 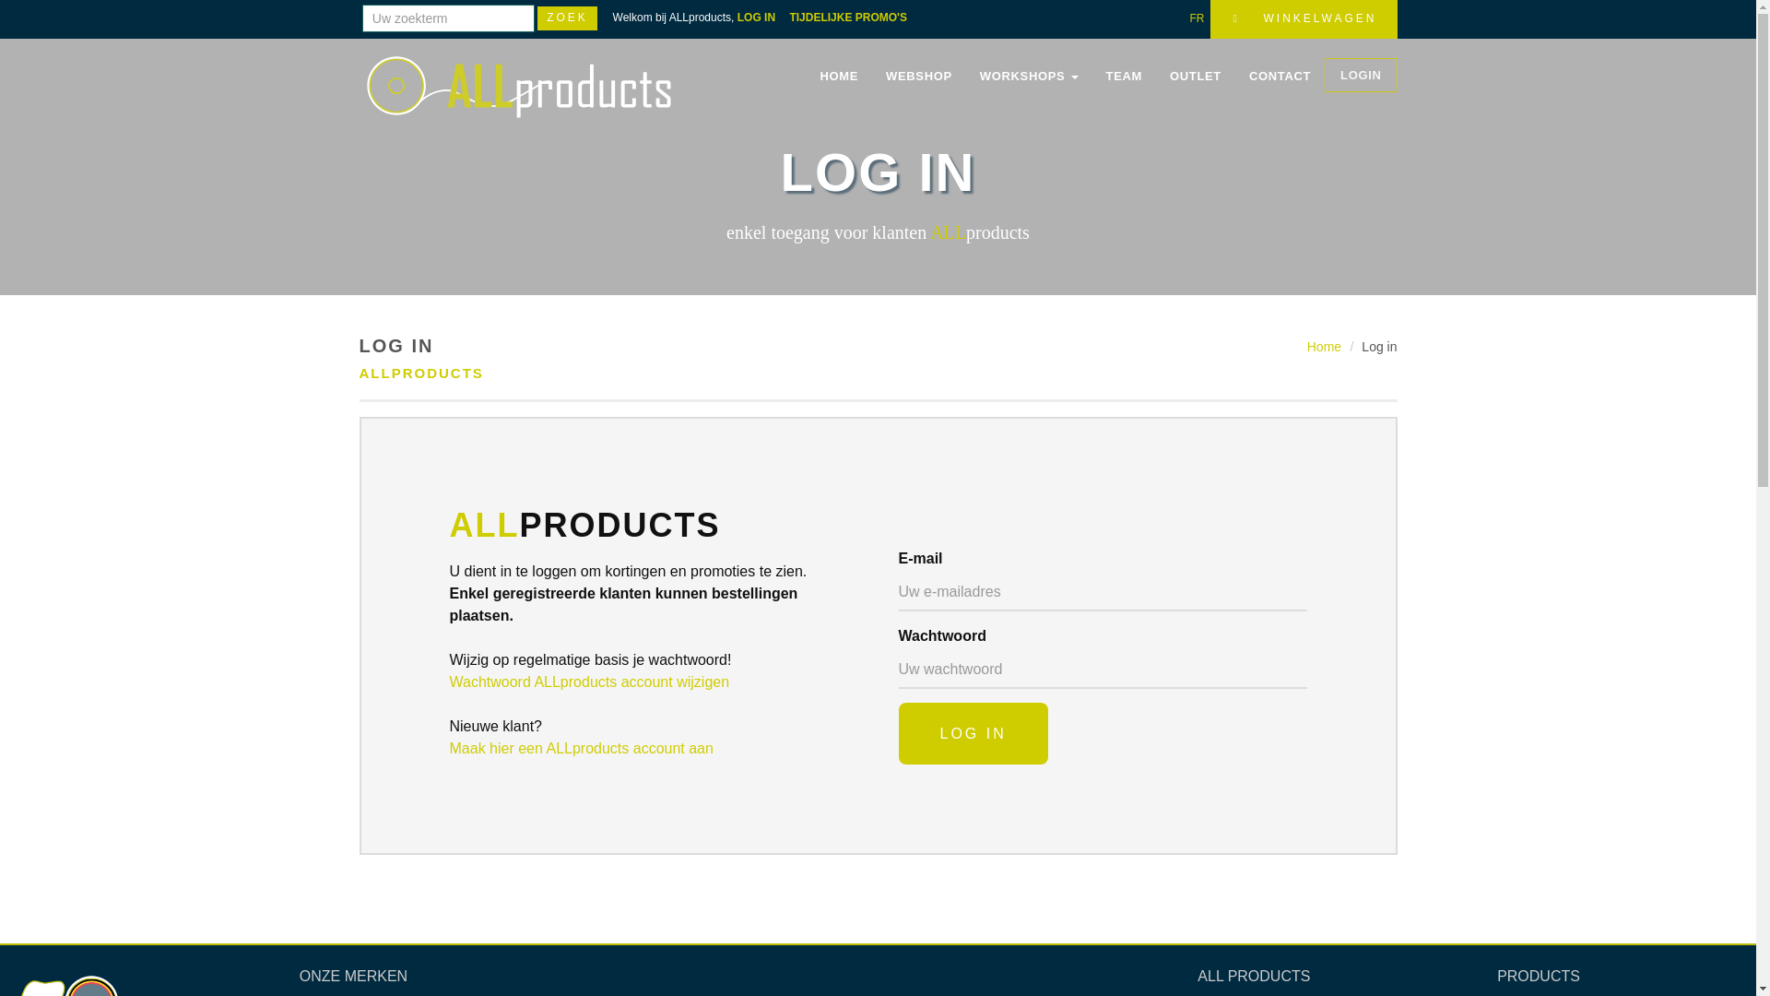 I want to click on 'FR', so click(x=1189, y=18).